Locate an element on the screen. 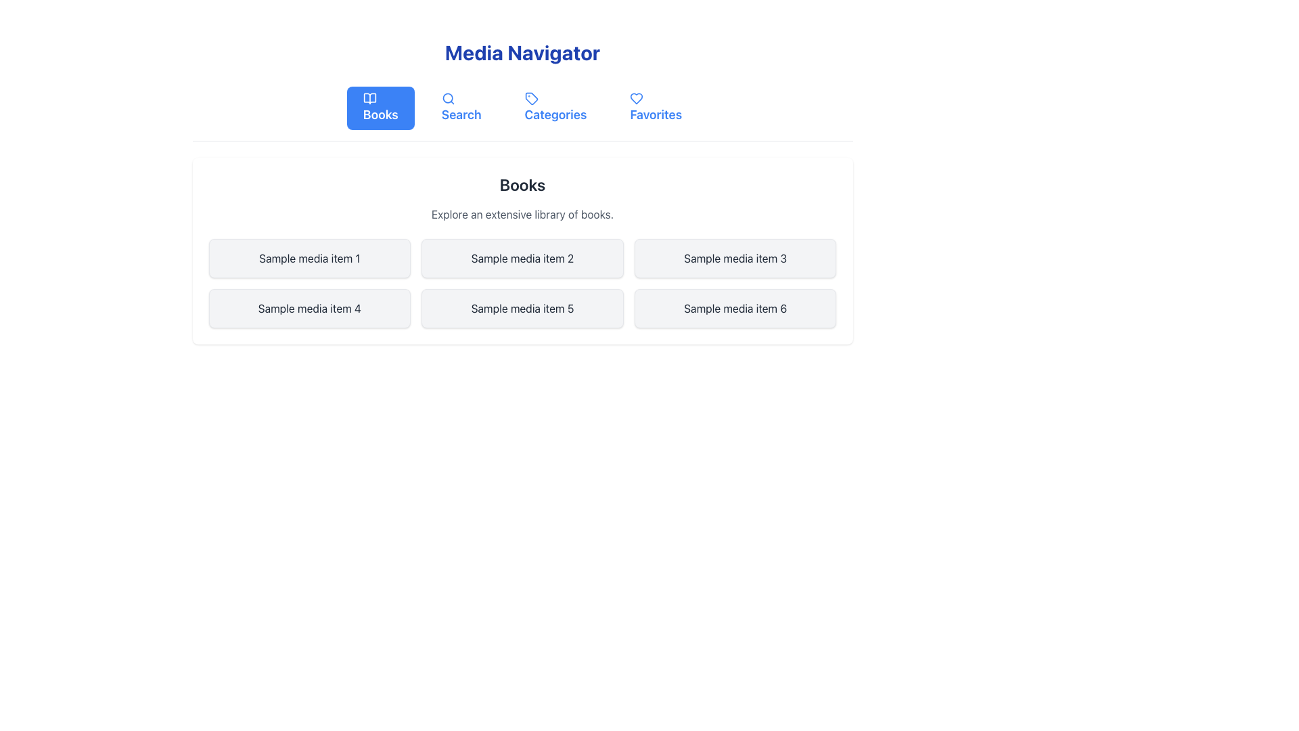  descriptive text label located in the lower right corner of the media item grid, which indicates the title of the specific media item it represents is located at coordinates (735, 308).